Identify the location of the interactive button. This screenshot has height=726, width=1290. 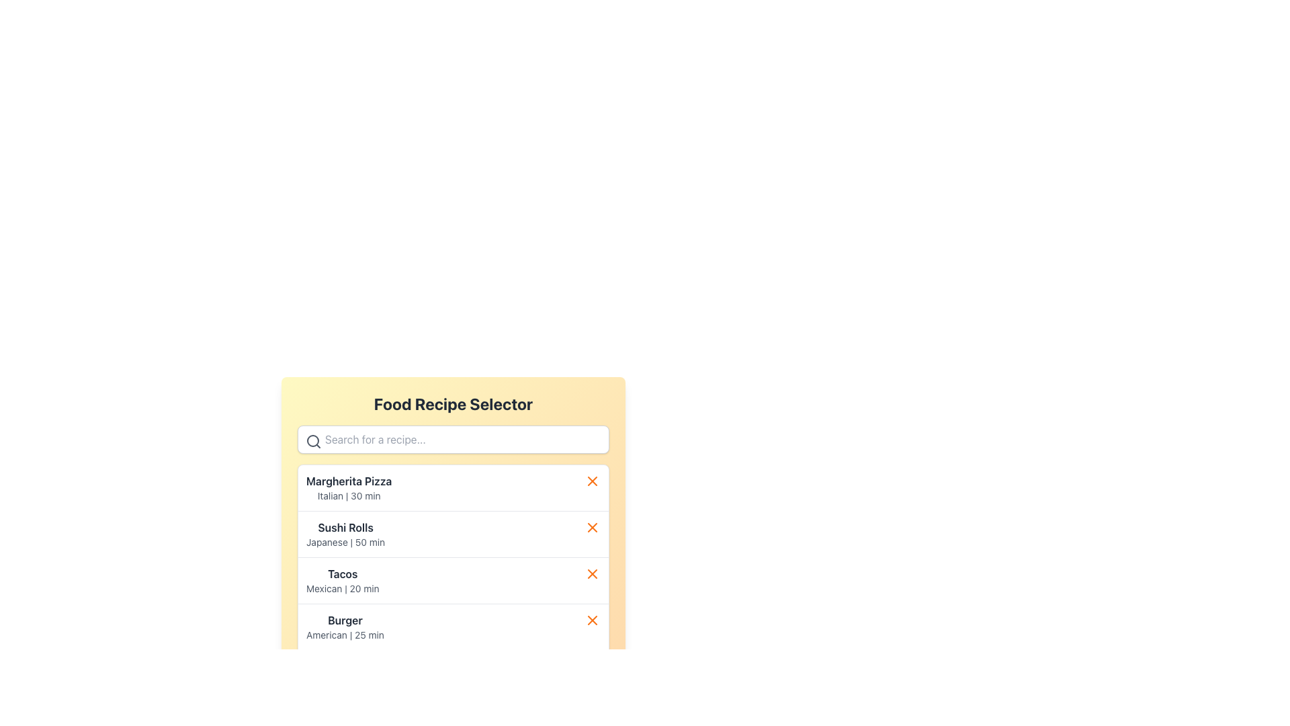
(592, 573).